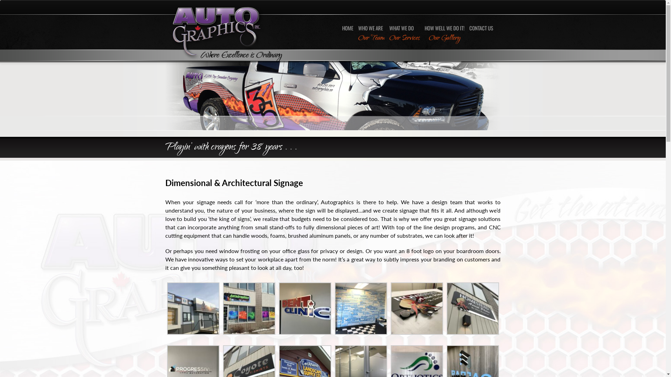 Image resolution: width=671 pixels, height=377 pixels. I want to click on 'WHO WE ARE, so click(371, 33).